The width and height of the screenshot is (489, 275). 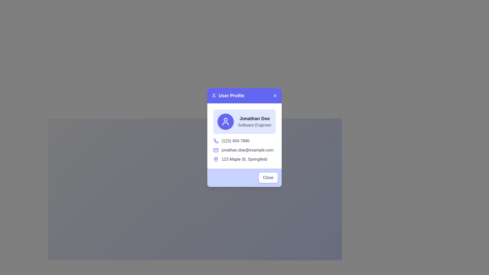 I want to click on the blue phone handset icon located to the left of the text '(123) 456-7890' in the profile card layout, so click(x=216, y=141).